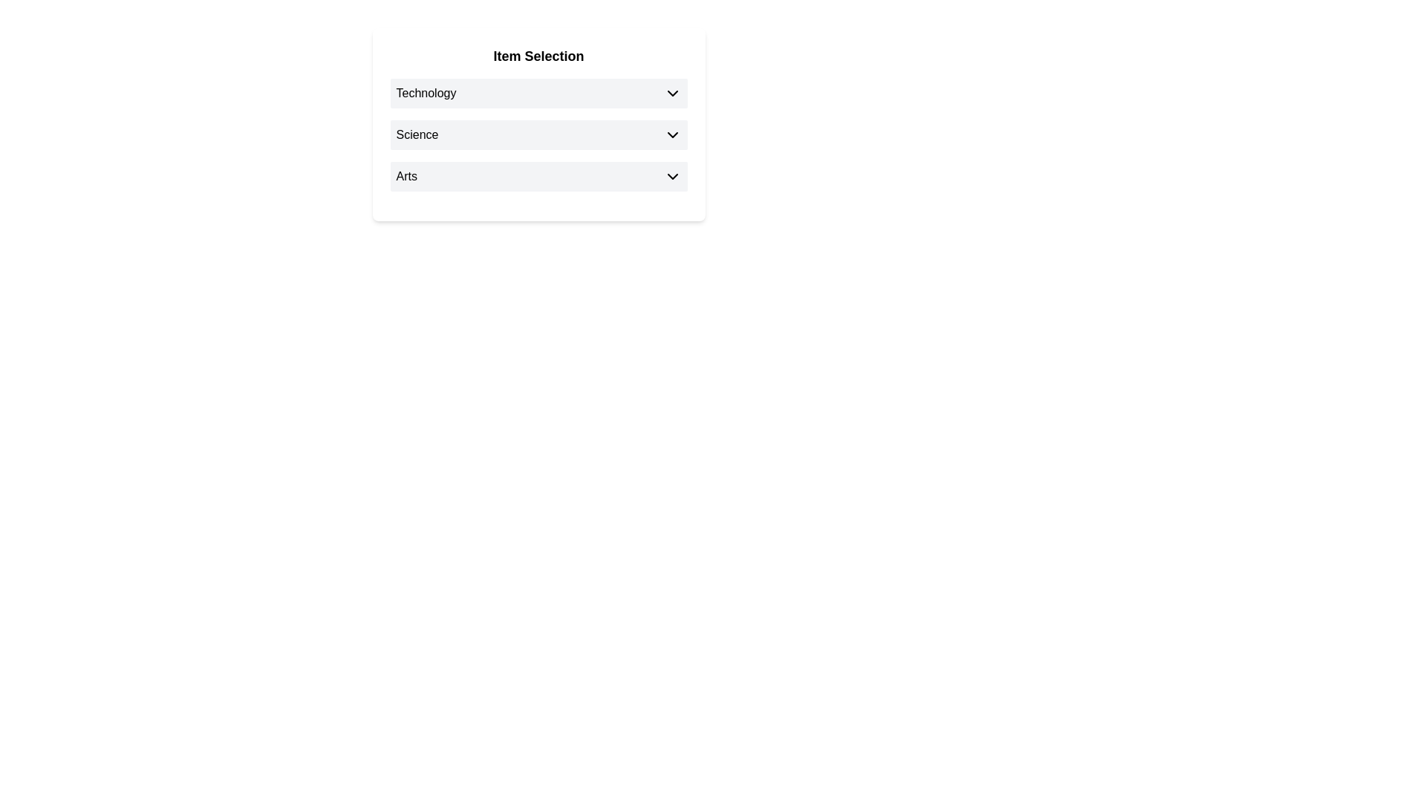 Image resolution: width=1426 pixels, height=802 pixels. Describe the element at coordinates (538, 124) in the screenshot. I see `the dropdown arrow of the second dropdown menu labeled 'Science'` at that location.